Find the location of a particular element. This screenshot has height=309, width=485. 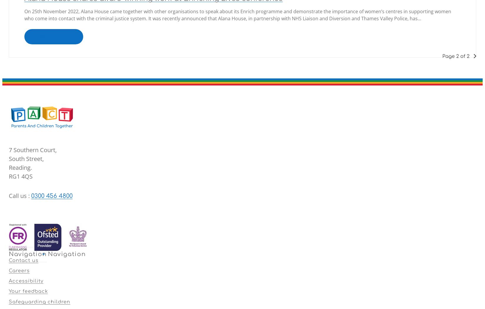

'On 25th November 2022, Alana House came together with other organisations to speak about its Enrich programme and demonstrate the importance of women’s centres in supporting women who come into contact with the criminal justice system. It was recently announced that Alana House, in partnership with NHS Liaison and Diversion and Thames Valley Police, has…' is located at coordinates (237, 14).